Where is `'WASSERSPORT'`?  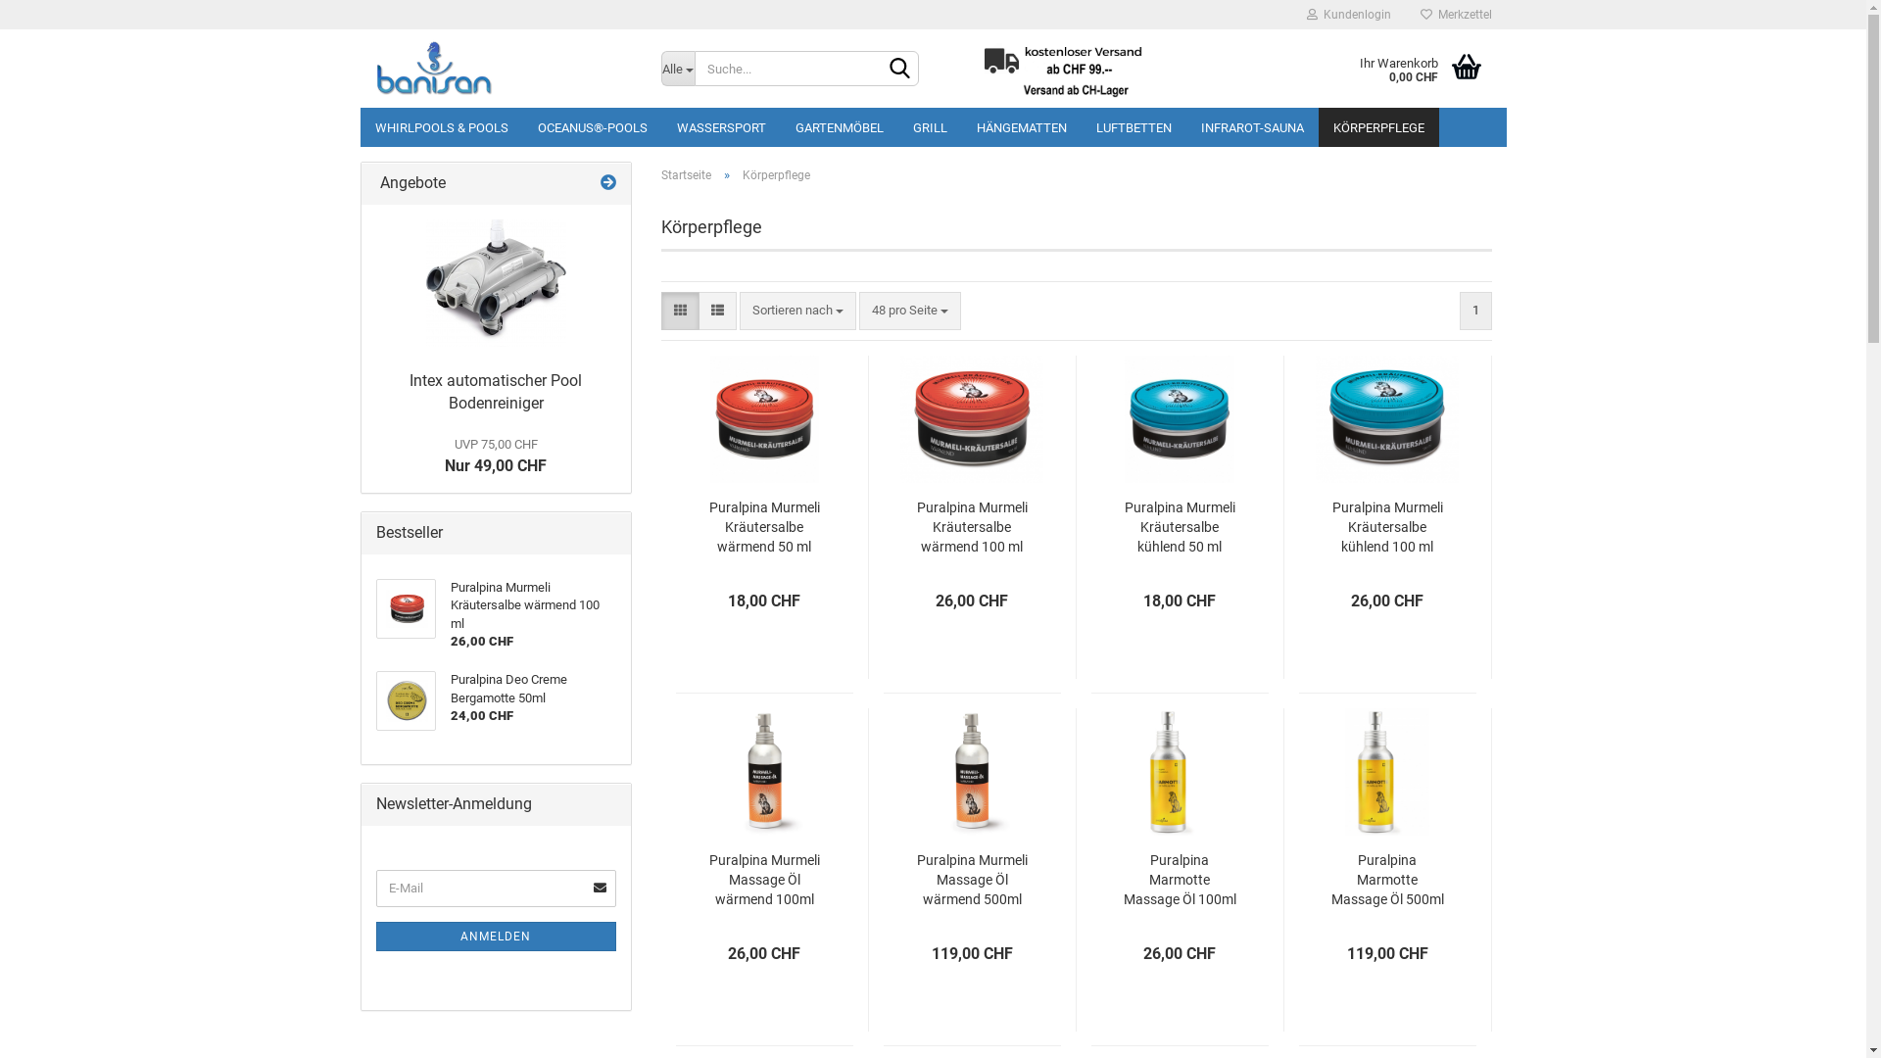 'WASSERSPORT' is located at coordinates (662, 127).